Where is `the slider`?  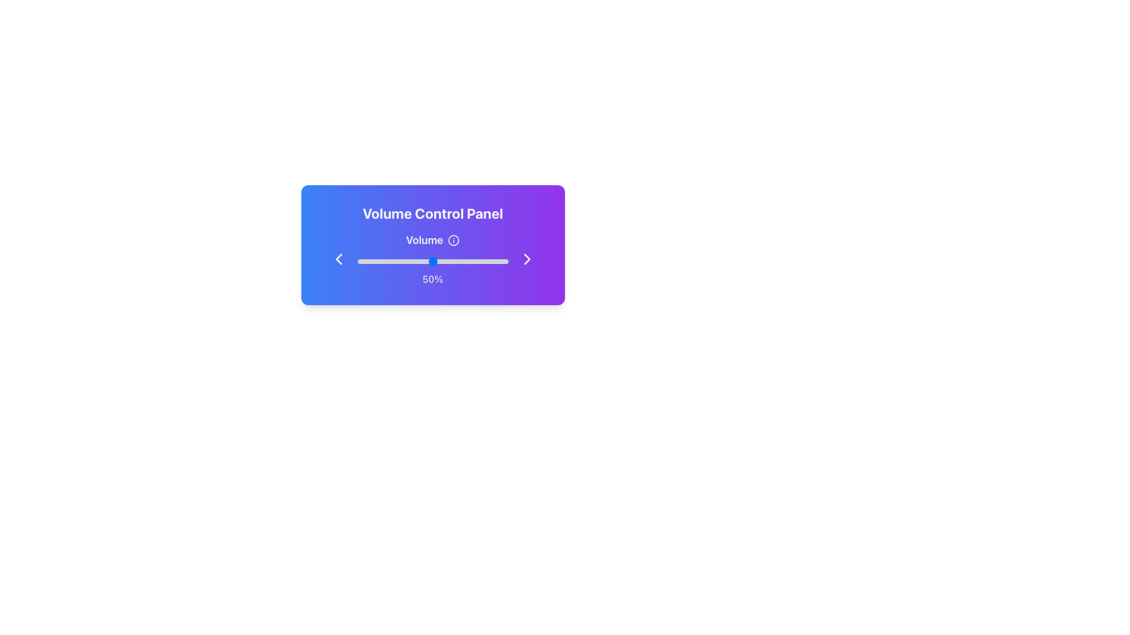
the slider is located at coordinates (417, 260).